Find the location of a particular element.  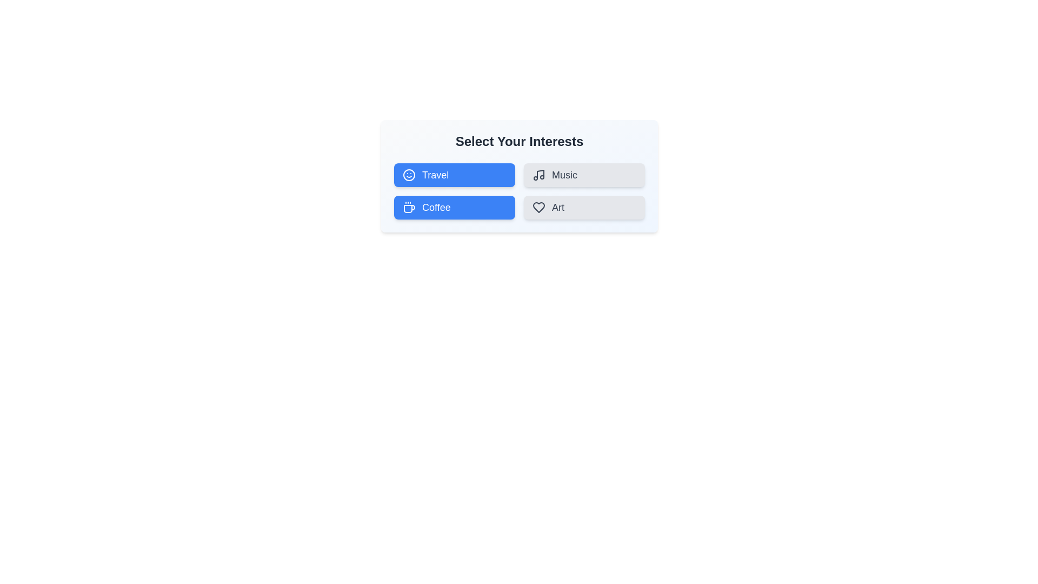

the interest Art by clicking its button is located at coordinates (583, 208).